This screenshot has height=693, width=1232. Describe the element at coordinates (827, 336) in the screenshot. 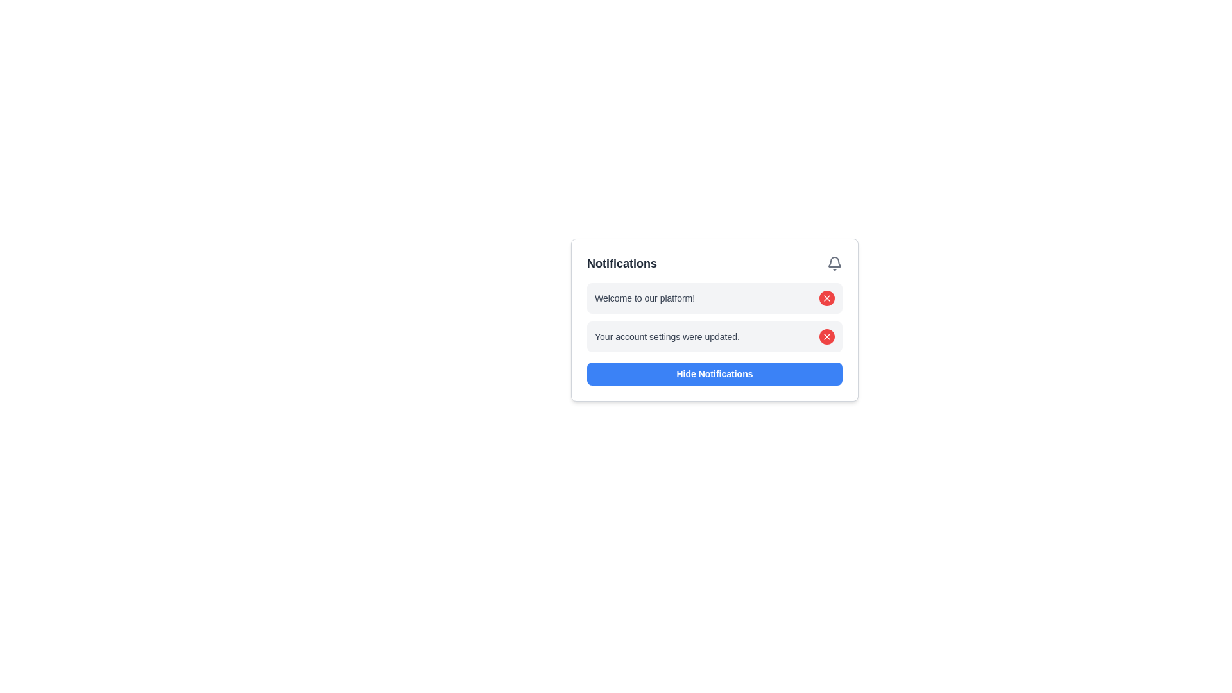

I see `the red circular button with a white 'X' icon` at that location.